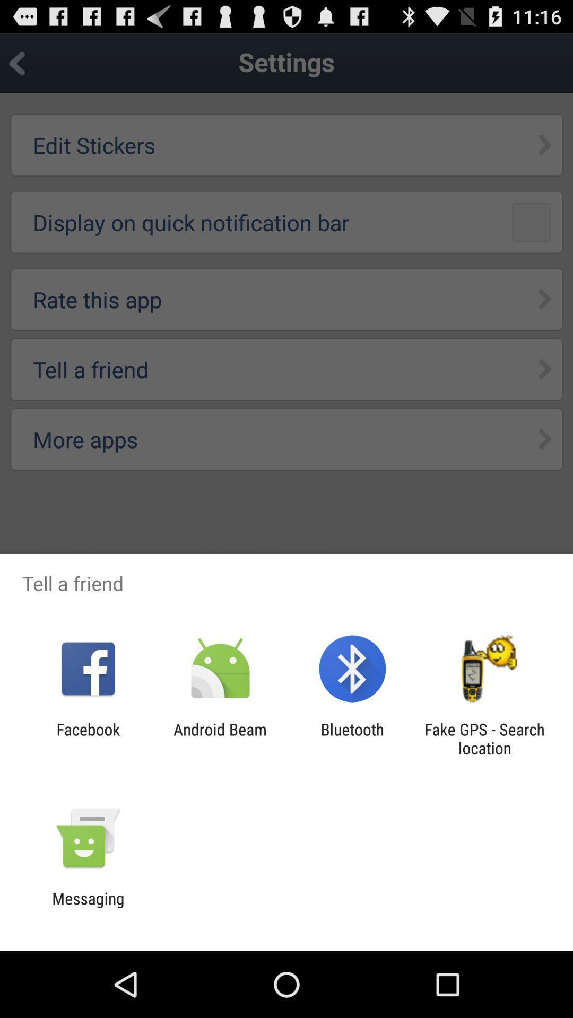 The height and width of the screenshot is (1018, 573). I want to click on the item to the right of the bluetooth app, so click(484, 738).